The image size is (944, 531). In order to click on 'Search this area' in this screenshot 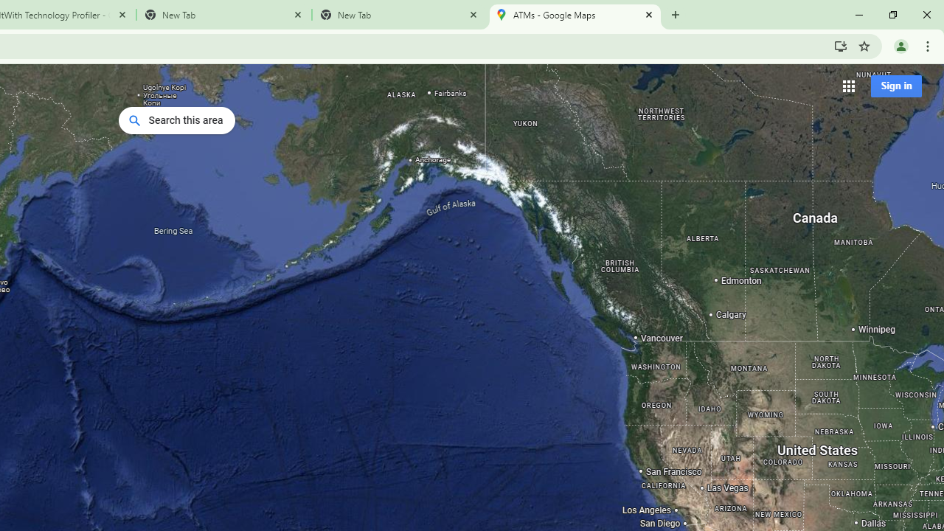, I will do `click(177, 119)`.